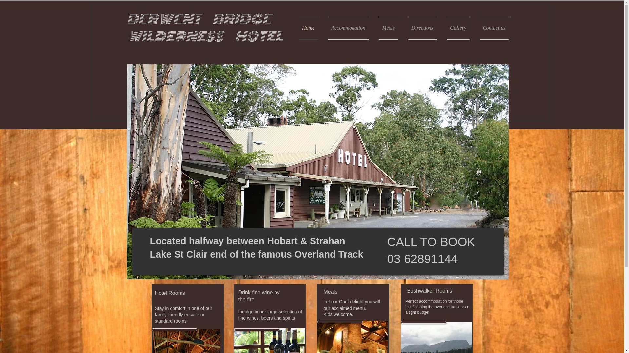 The height and width of the screenshot is (353, 629). I want to click on 'Gallery', so click(442, 27).